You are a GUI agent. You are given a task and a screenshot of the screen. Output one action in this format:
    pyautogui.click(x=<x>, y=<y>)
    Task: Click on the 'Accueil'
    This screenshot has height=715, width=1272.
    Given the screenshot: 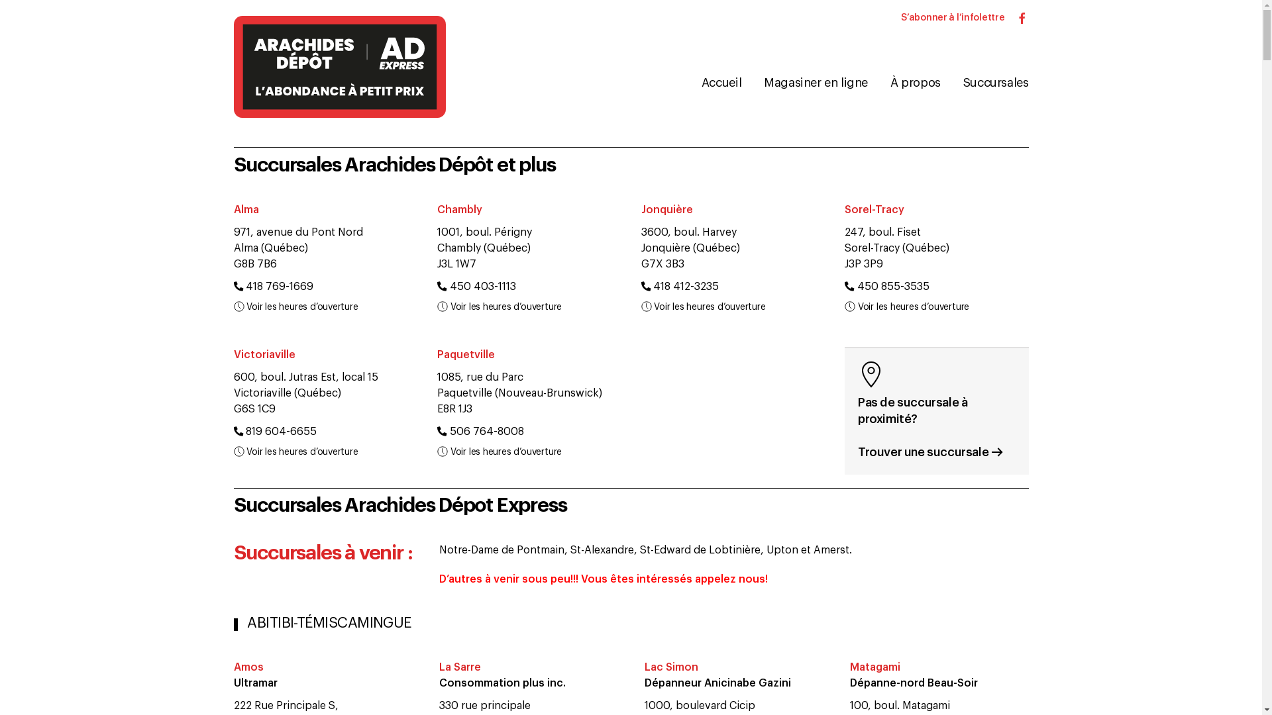 What is the action you would take?
    pyautogui.click(x=720, y=83)
    